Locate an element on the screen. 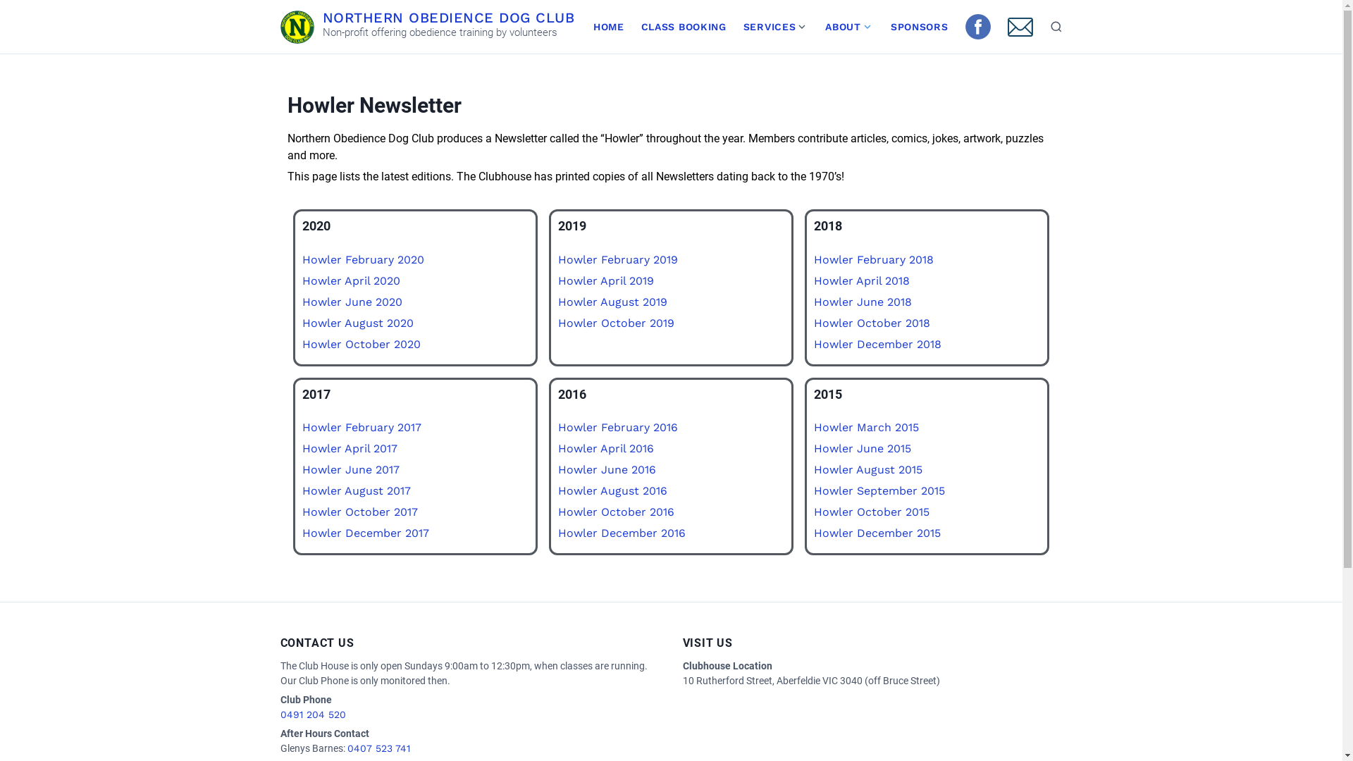 The width and height of the screenshot is (1353, 761). 'Howler October 2019' is located at coordinates (616, 322).